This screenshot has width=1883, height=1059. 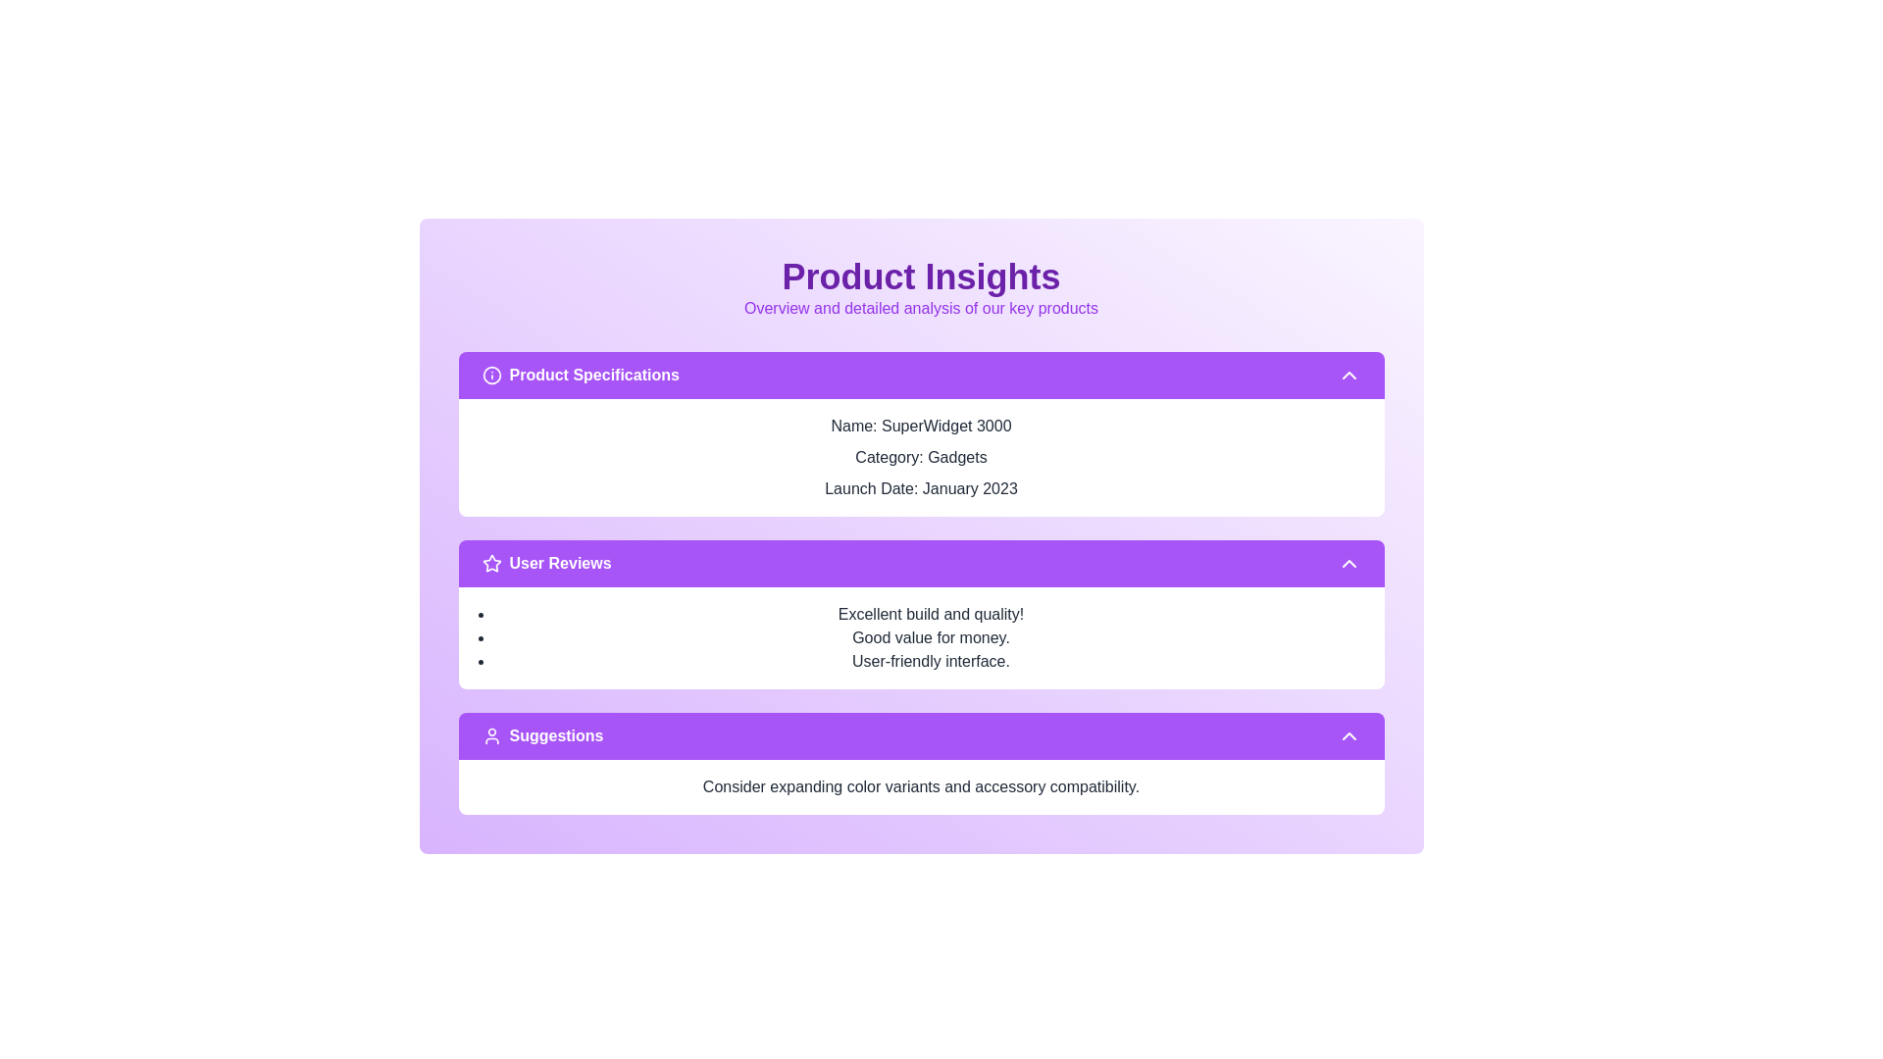 What do you see at coordinates (930, 614) in the screenshot?
I see `the text string that reads 'Excellent build and quality!' located within the 'User Reviews' section, which is the first item in a bullet-point list` at bounding box center [930, 614].